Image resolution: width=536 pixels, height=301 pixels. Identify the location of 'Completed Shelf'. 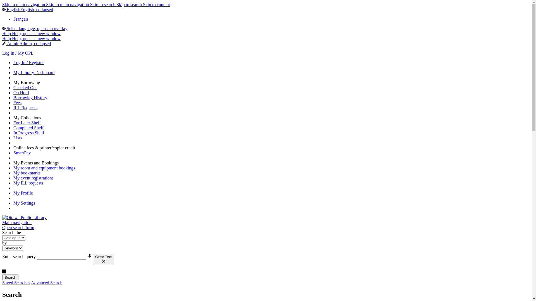
(28, 128).